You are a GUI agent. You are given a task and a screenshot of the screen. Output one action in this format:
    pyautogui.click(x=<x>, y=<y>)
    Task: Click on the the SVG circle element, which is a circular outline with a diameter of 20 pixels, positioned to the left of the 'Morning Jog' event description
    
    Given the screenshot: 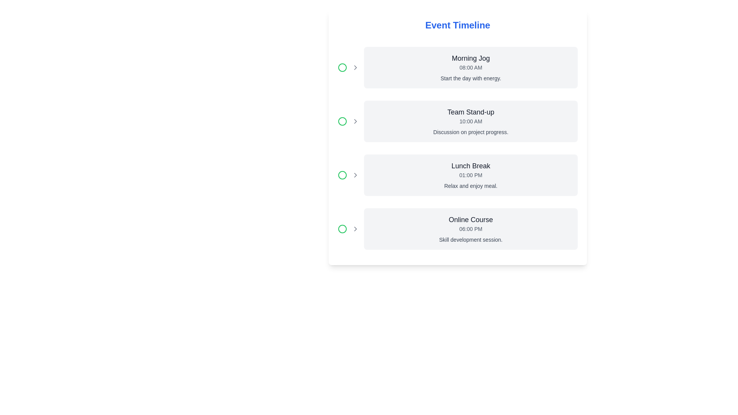 What is the action you would take?
    pyautogui.click(x=342, y=67)
    